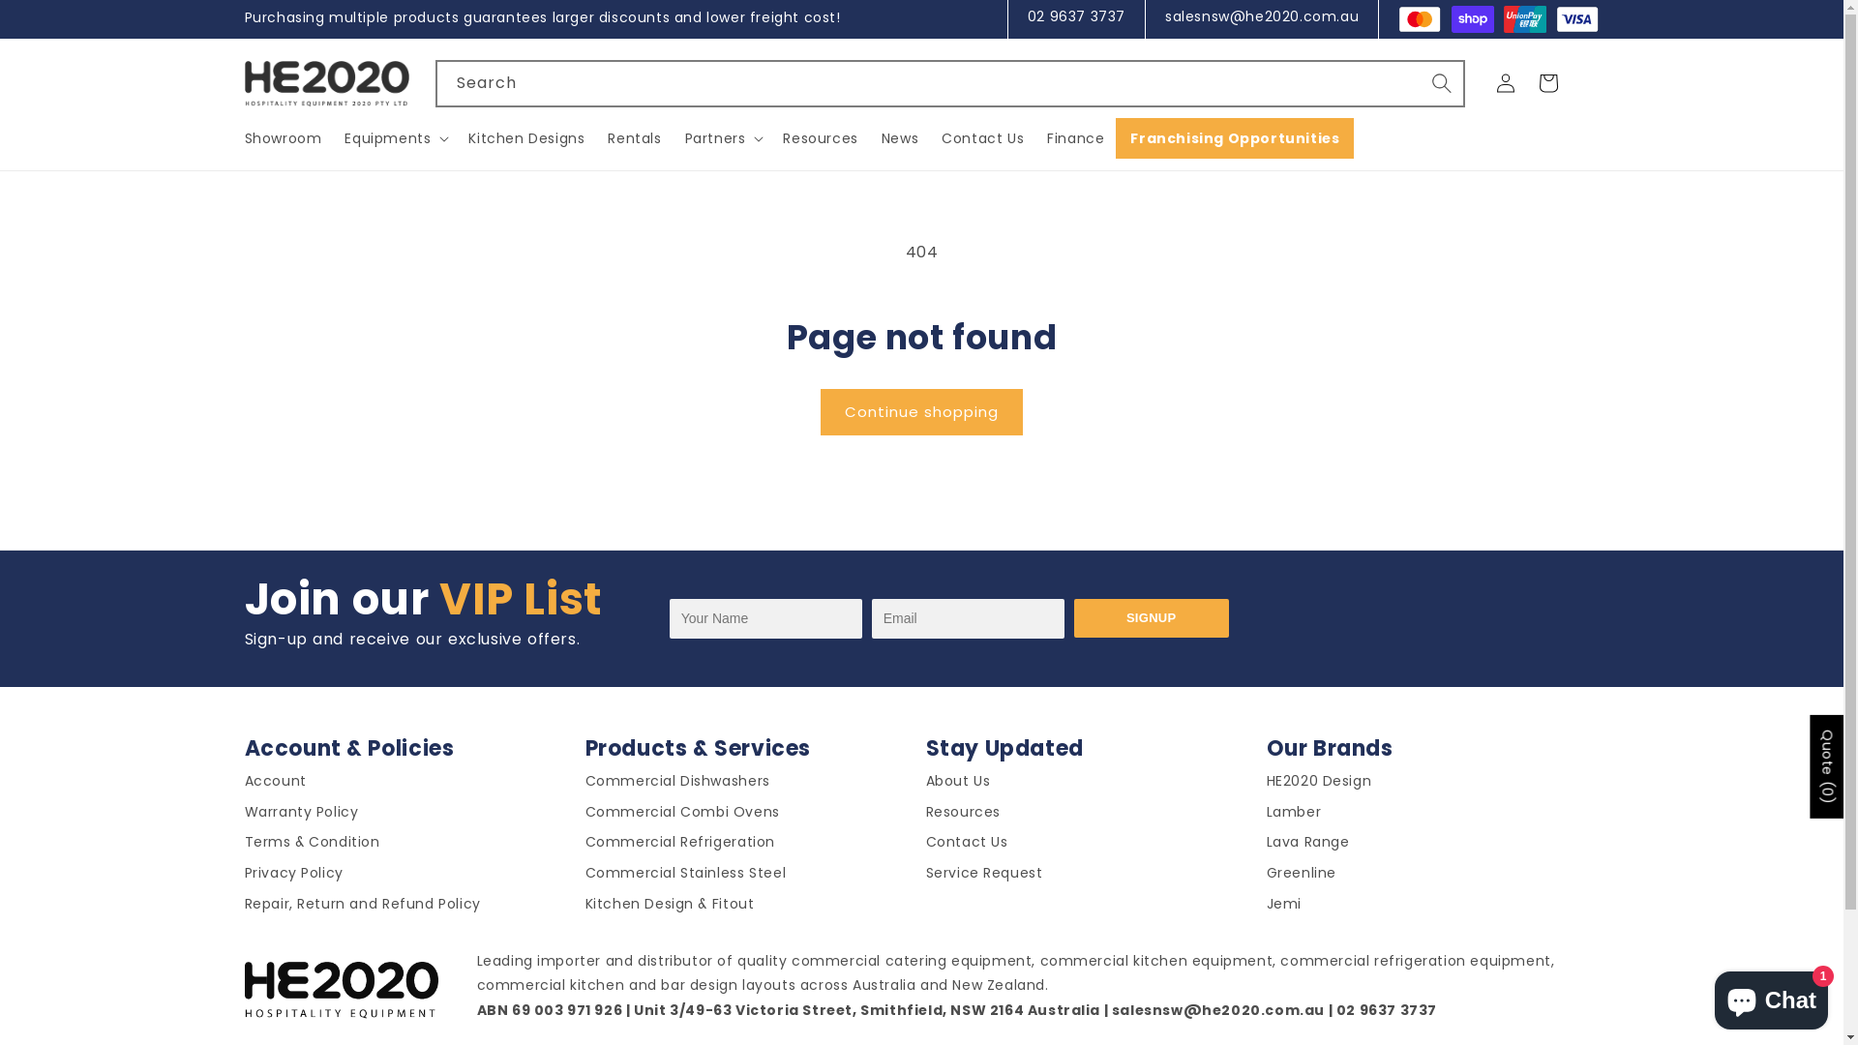 The width and height of the screenshot is (1858, 1045). What do you see at coordinates (273, 785) in the screenshot?
I see `'Account'` at bounding box center [273, 785].